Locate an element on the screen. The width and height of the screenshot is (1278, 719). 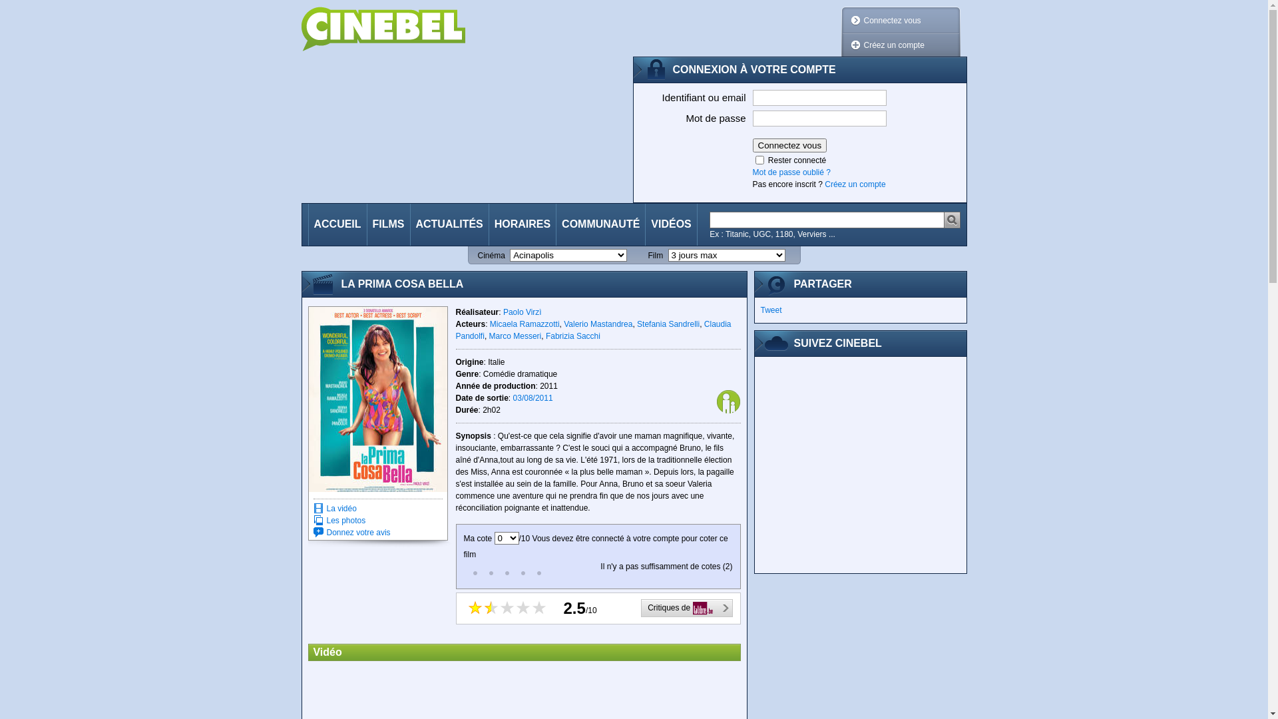
'ACCUEIL' is located at coordinates (308, 224).